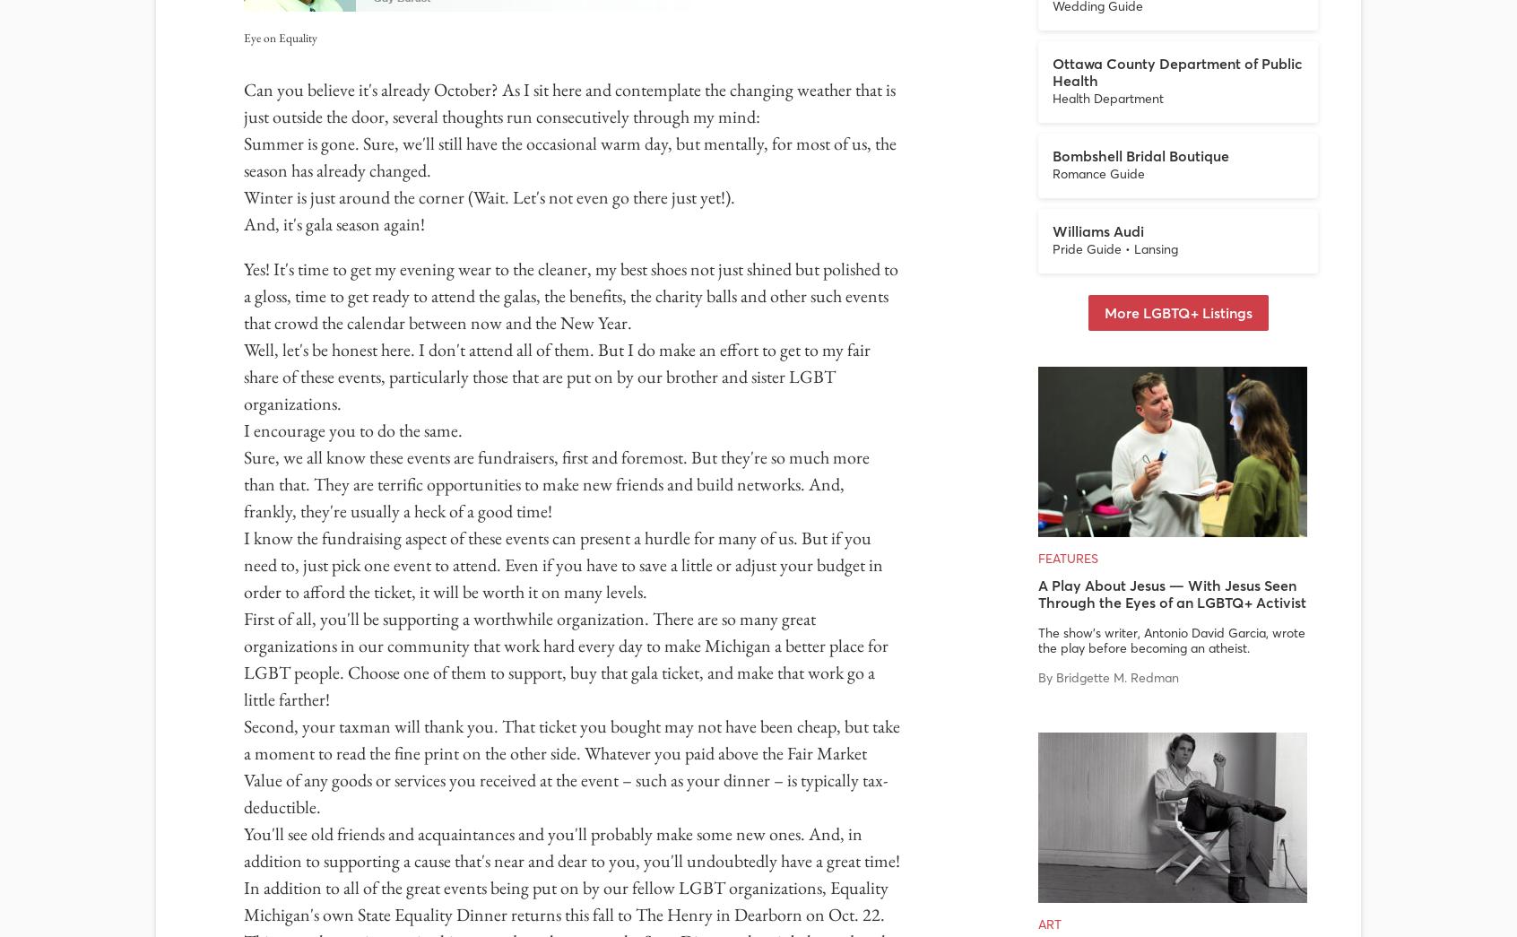  Describe the element at coordinates (912, 674) in the screenshot. I see `'Advertise'` at that location.